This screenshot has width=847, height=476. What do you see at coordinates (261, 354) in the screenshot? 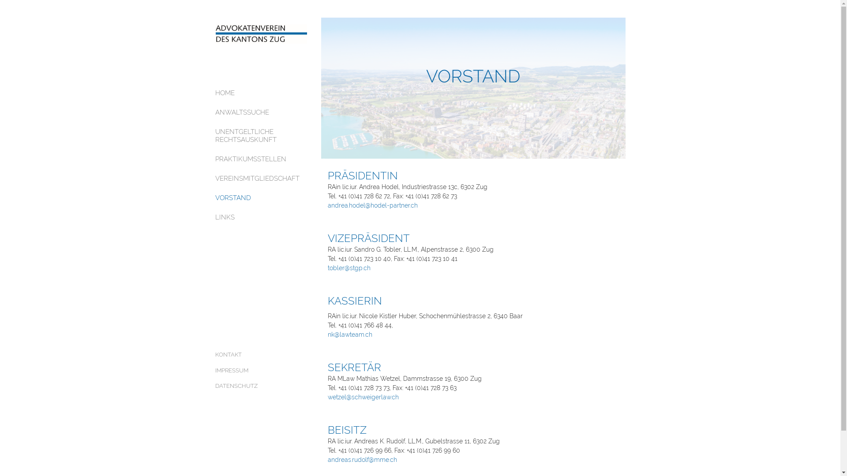
I see `'KONTAKT'` at bounding box center [261, 354].